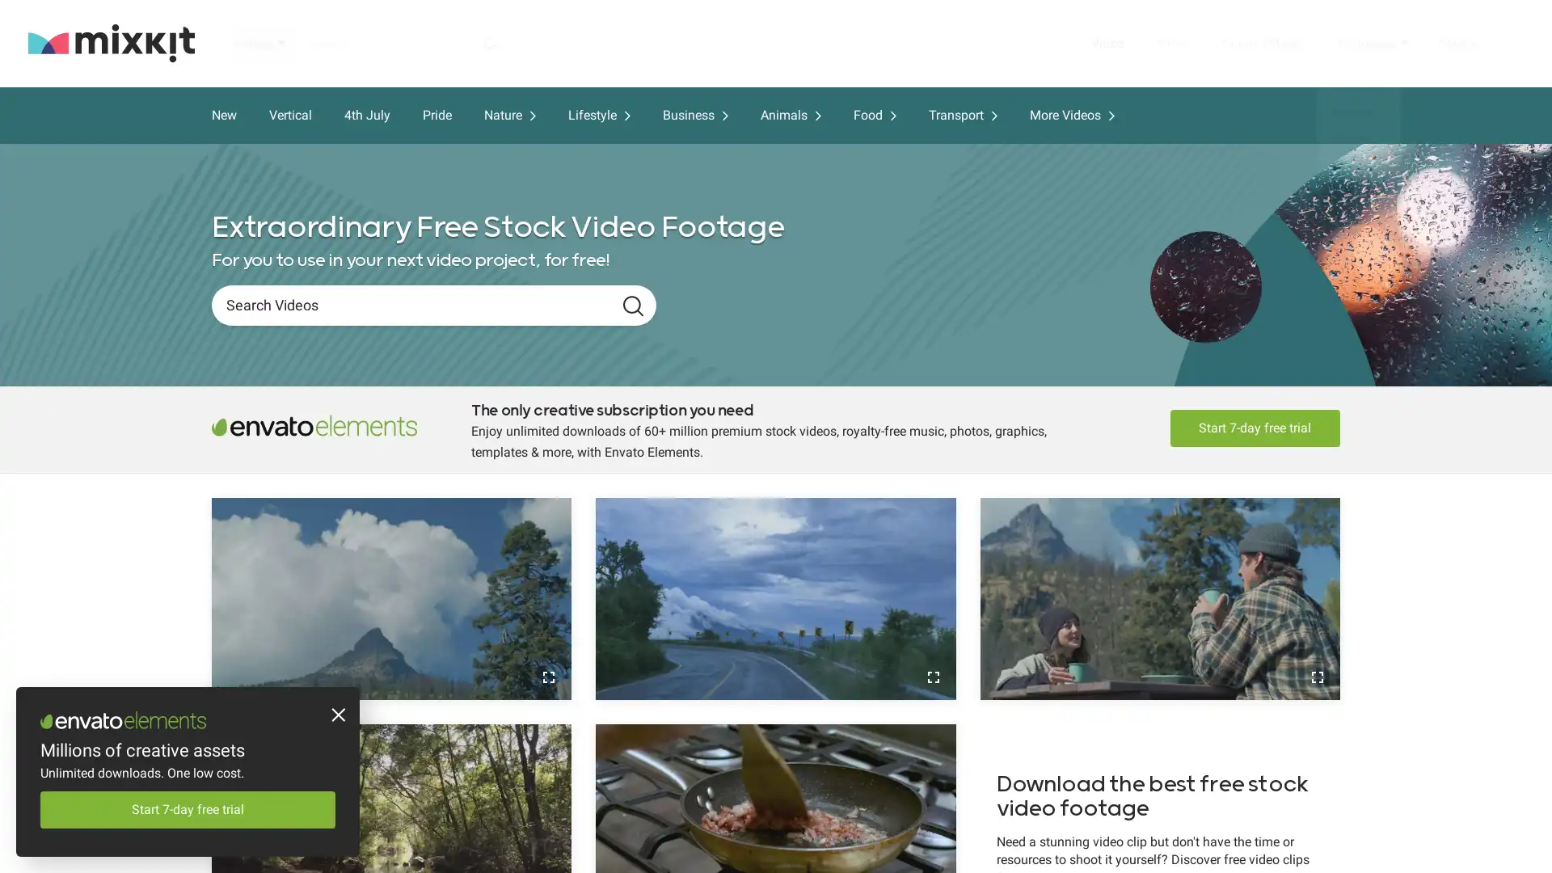 This screenshot has height=873, width=1552. I want to click on View Fullscreen, so click(932, 677).